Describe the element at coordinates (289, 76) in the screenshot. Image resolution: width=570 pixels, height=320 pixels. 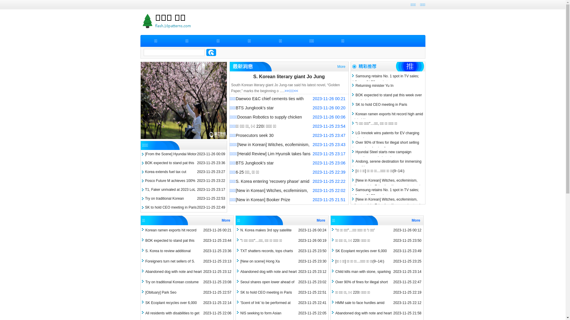
I see `'S. Korean literary giant Jo Jung'` at that location.